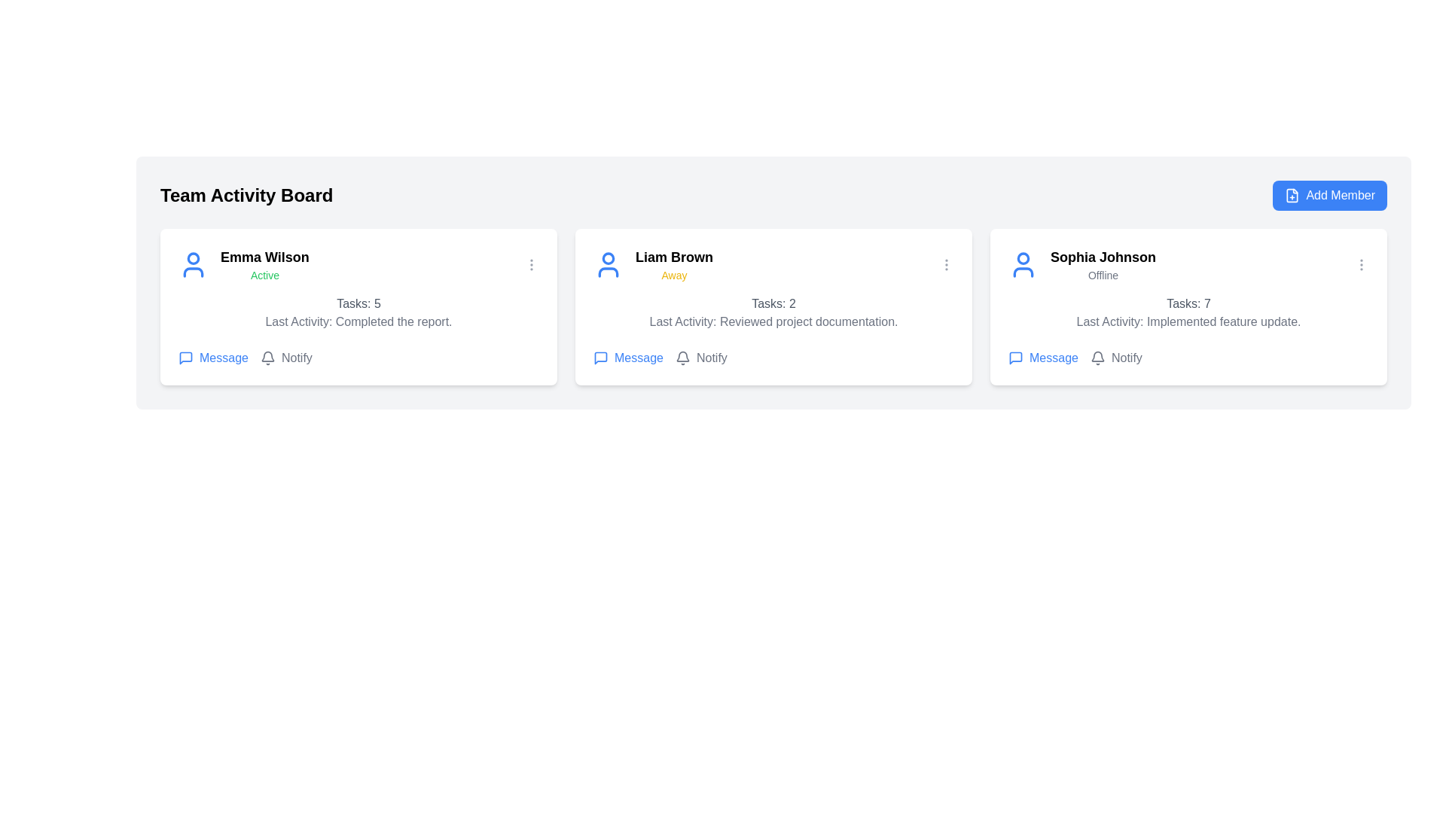 Image resolution: width=1446 pixels, height=813 pixels. Describe the element at coordinates (1292, 194) in the screenshot. I see `the '+' icon within the SVG element that resembles a document outline, located at the rightmost edge of the interface, adjacent to the 'Add Member' button` at that location.